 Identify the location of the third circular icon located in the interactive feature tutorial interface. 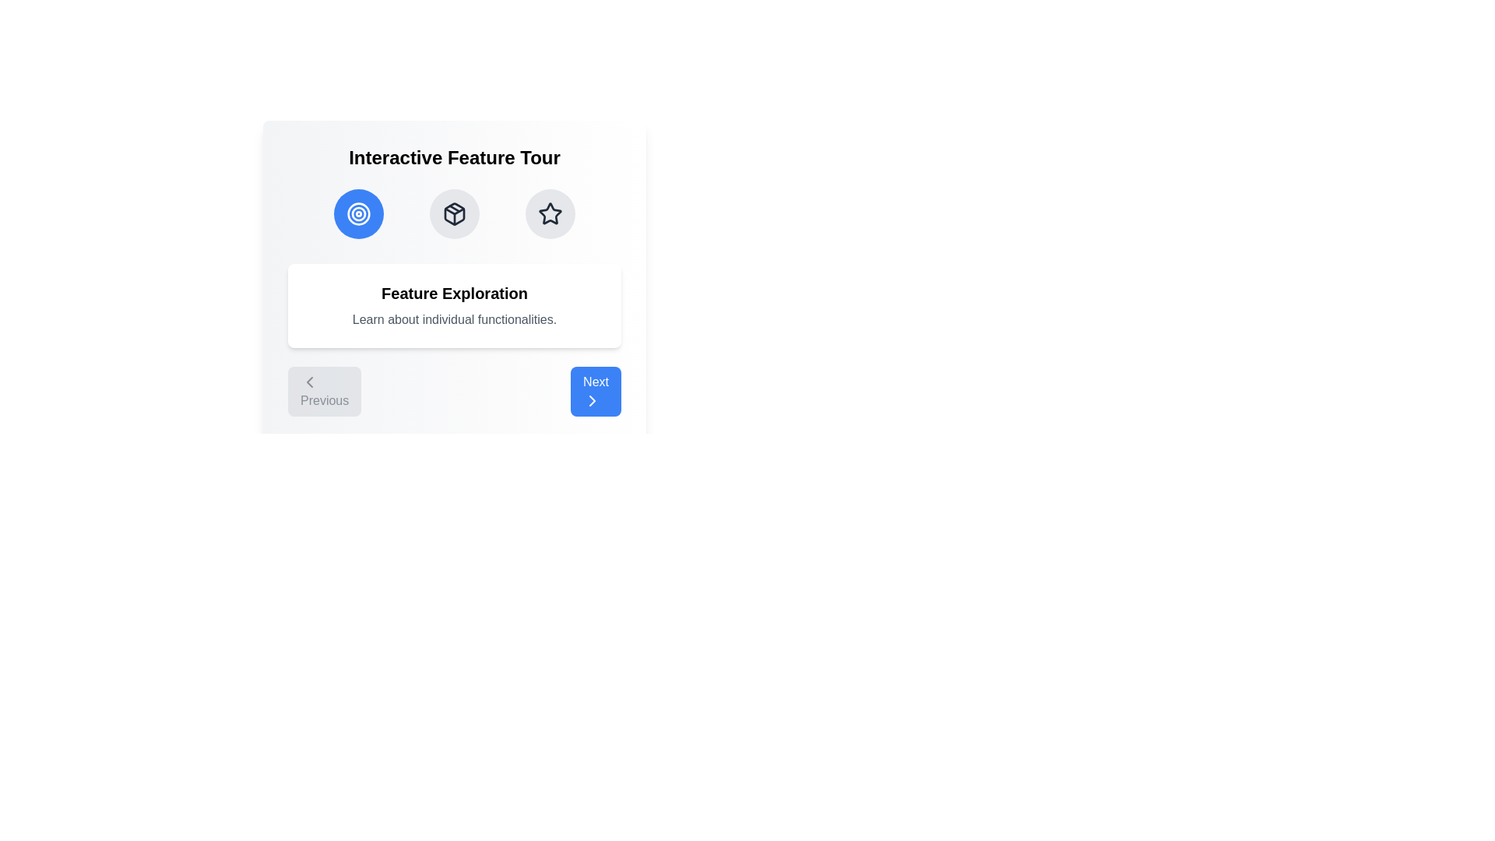
(549, 213).